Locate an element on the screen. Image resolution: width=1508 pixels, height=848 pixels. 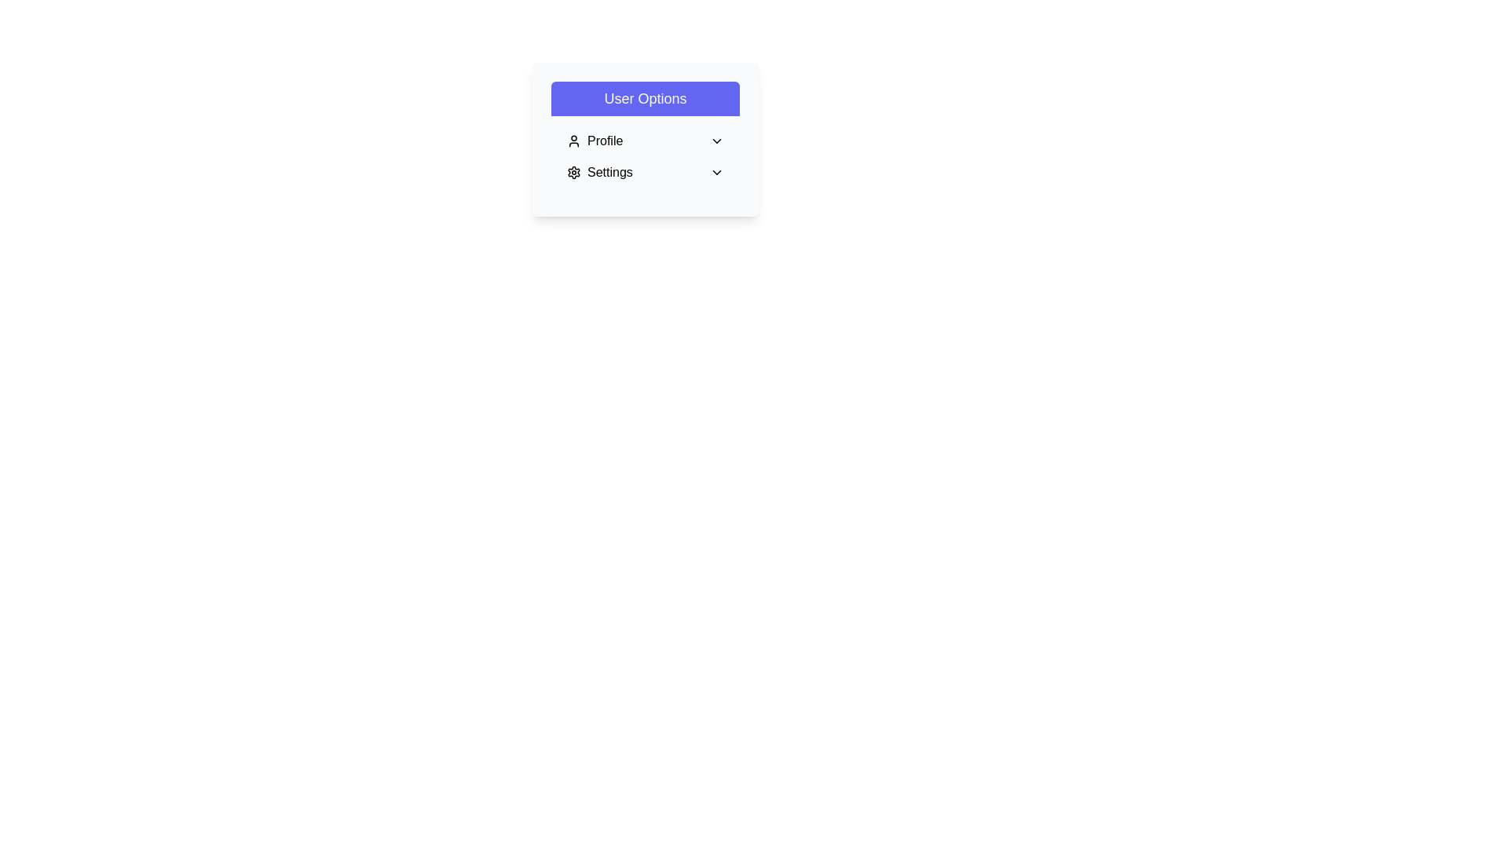
the downward chevron icon located to the right of the 'Profile' text is located at coordinates (716, 141).